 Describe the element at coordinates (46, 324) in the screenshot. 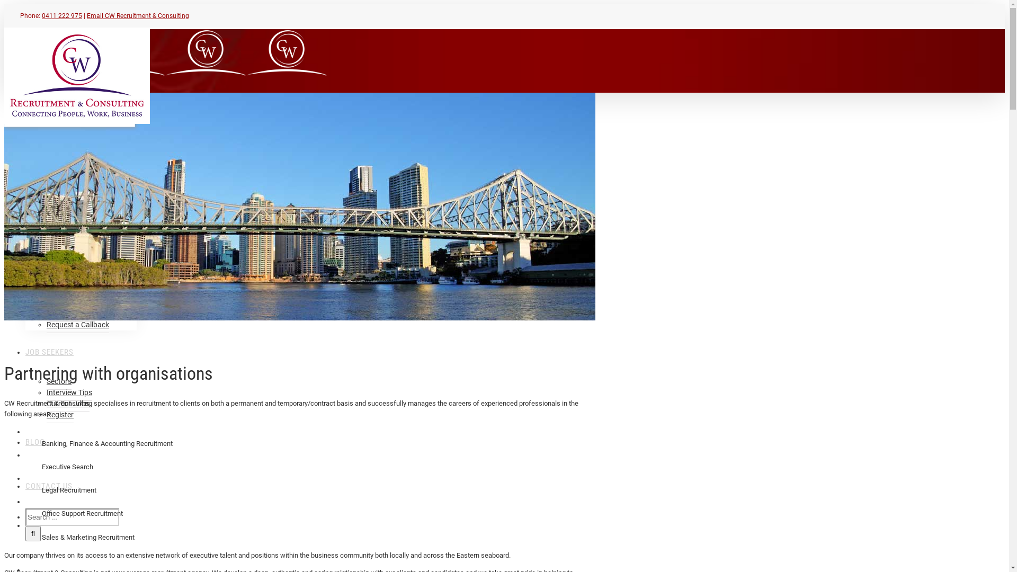

I see `'Request a Callback'` at that location.